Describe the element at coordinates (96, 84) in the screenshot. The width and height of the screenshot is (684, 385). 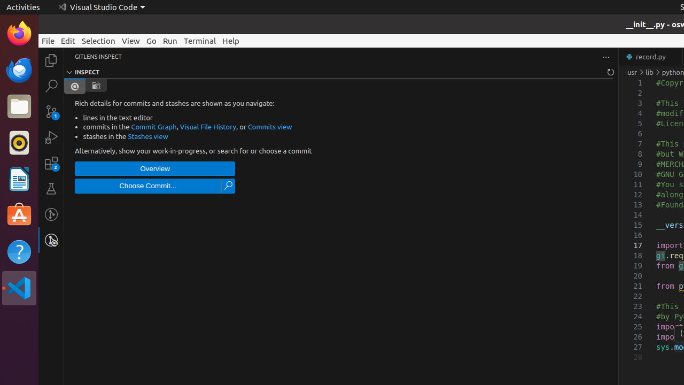
I see `''` at that location.